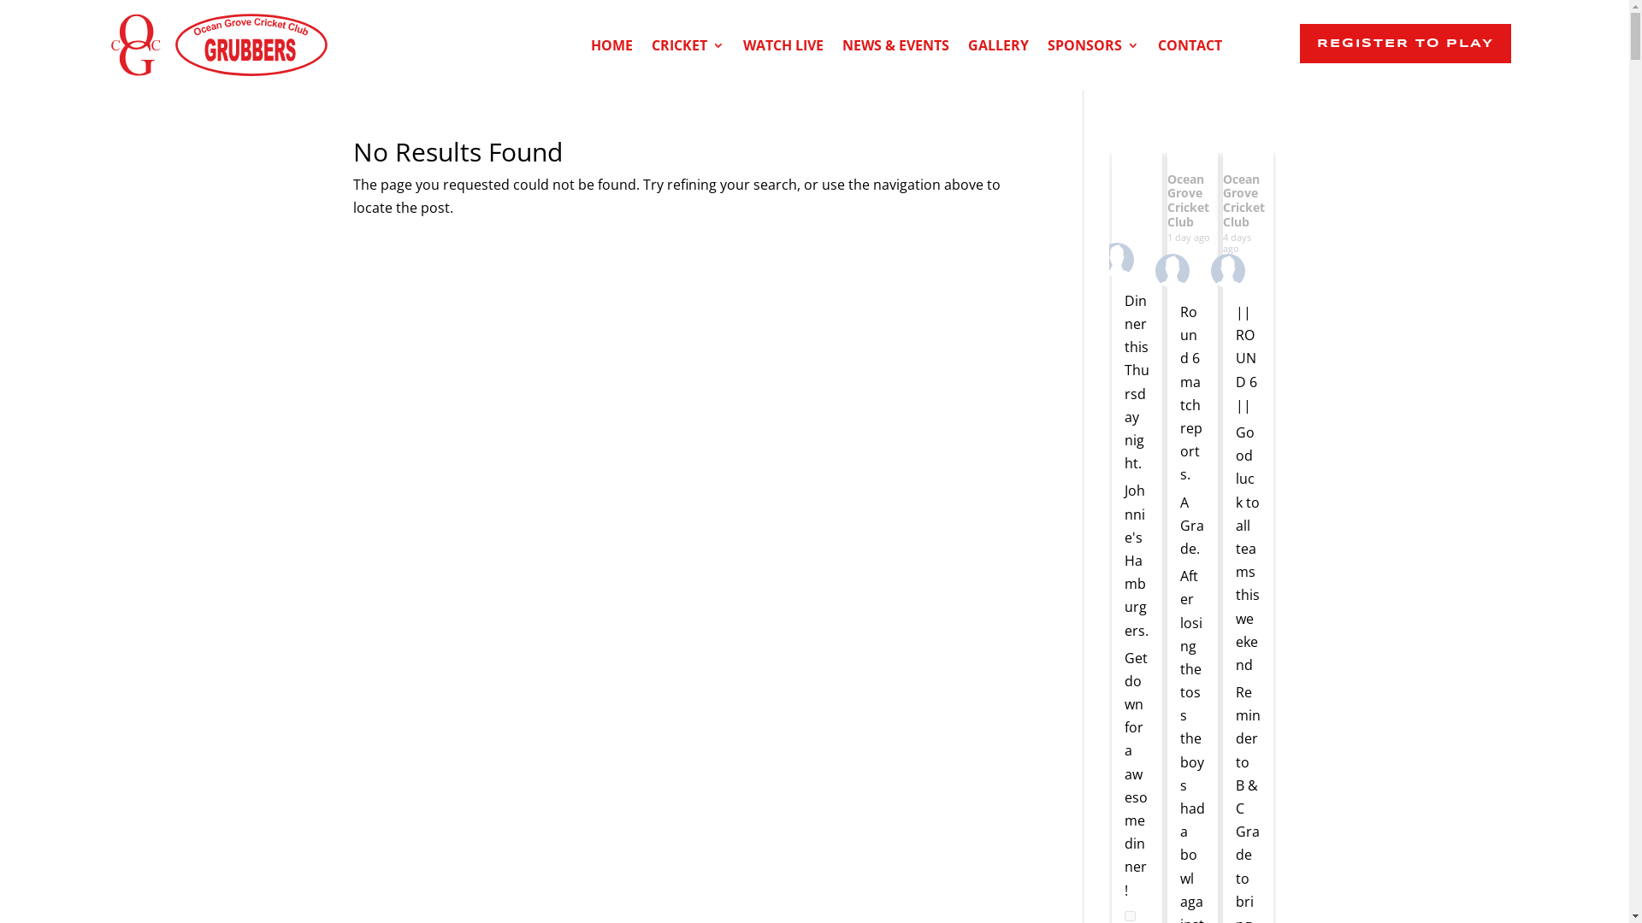  I want to click on 'Ocean Grove Cricket Club', so click(1222, 199).